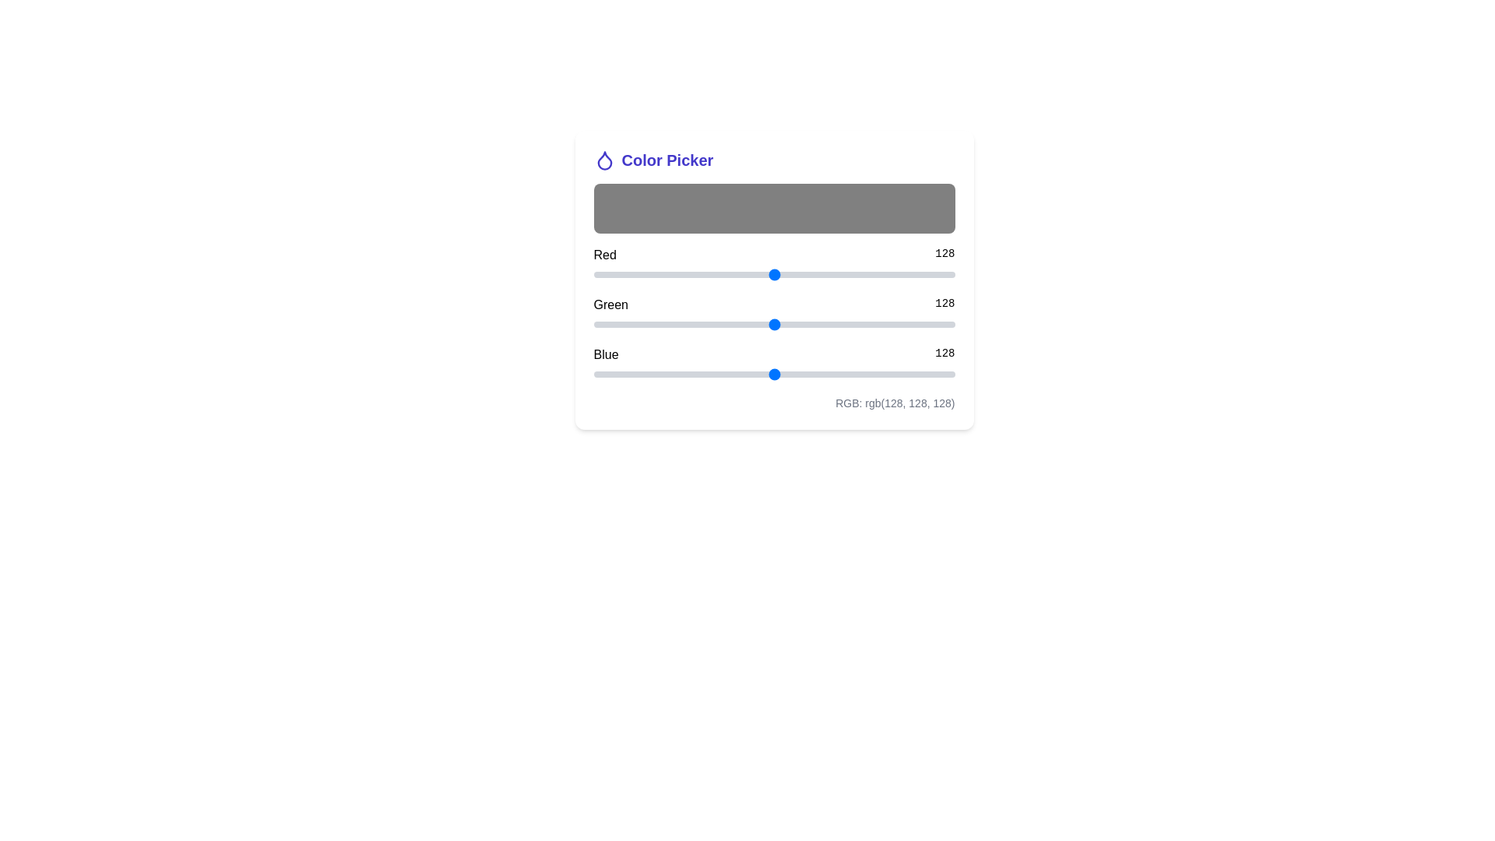 The image size is (1495, 841). I want to click on the Green slider to set the green component to 124, so click(769, 323).